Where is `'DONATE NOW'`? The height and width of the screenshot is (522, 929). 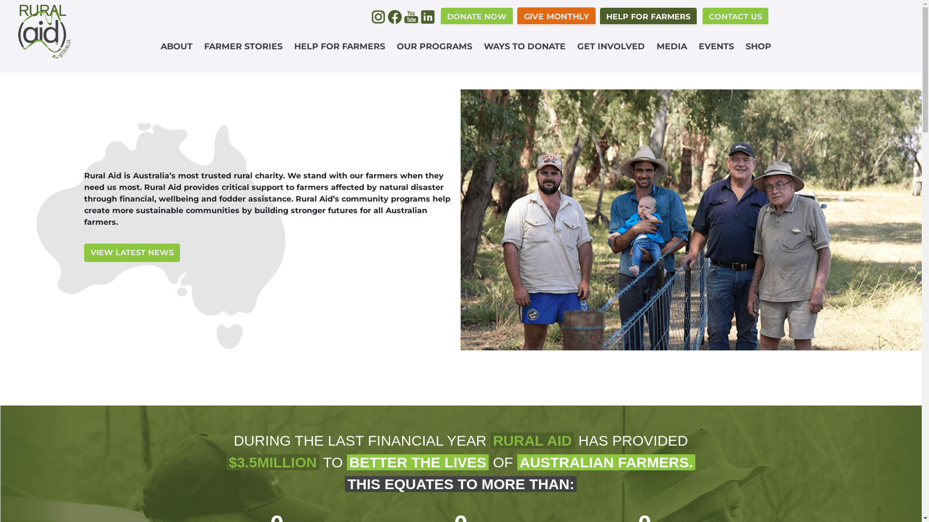 'DONATE NOW' is located at coordinates (476, 16).